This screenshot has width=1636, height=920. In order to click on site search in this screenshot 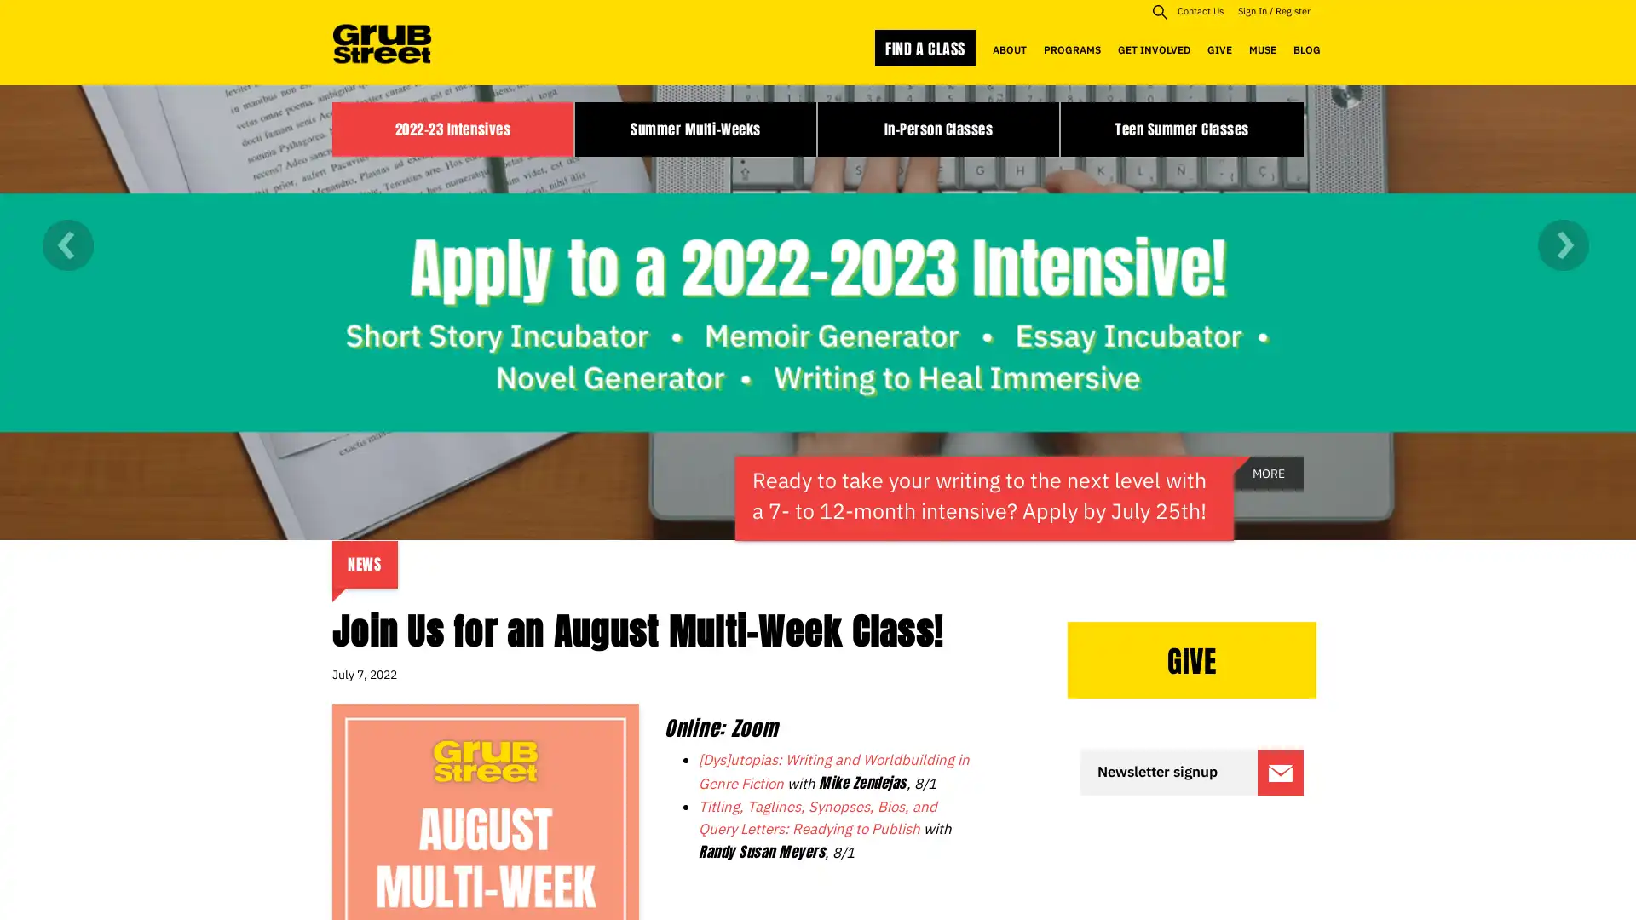, I will do `click(1159, 11)`.